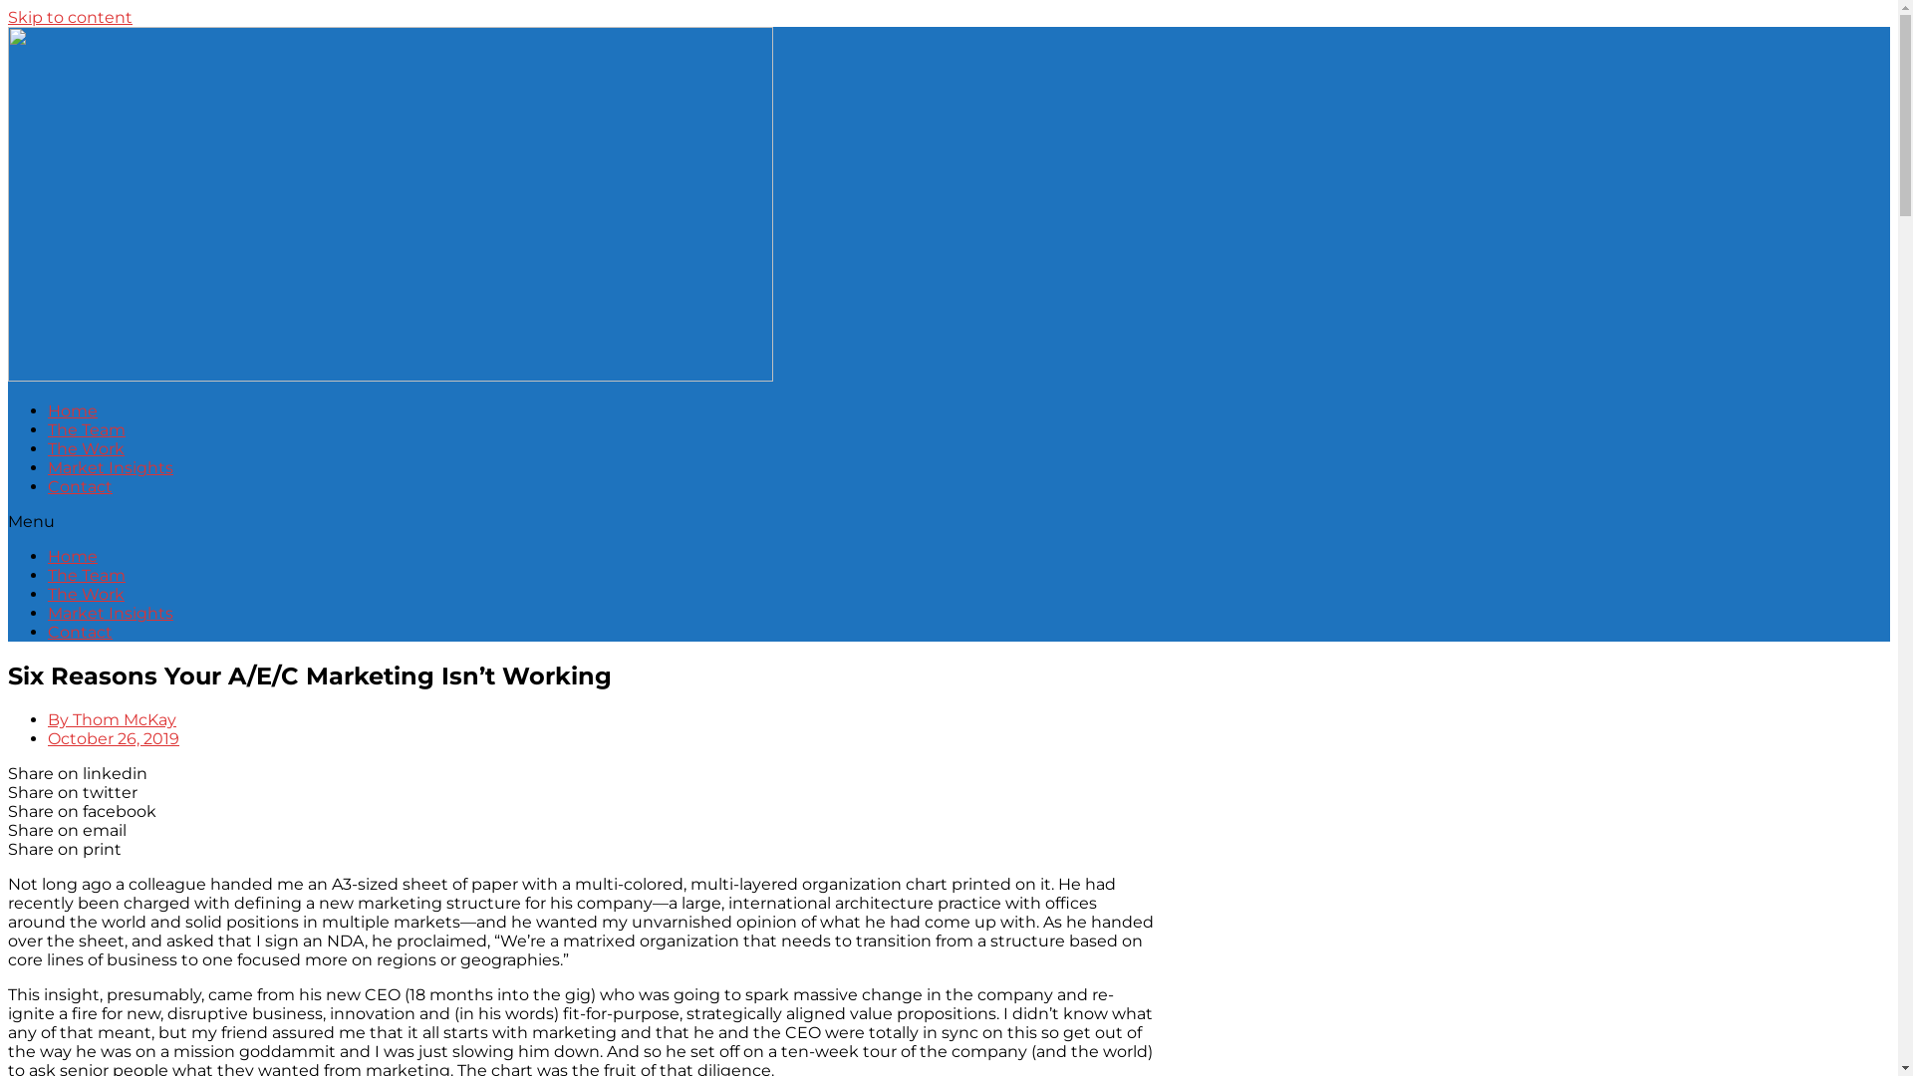 This screenshot has width=1913, height=1076. Describe the element at coordinates (72, 409) in the screenshot. I see `'Home'` at that location.